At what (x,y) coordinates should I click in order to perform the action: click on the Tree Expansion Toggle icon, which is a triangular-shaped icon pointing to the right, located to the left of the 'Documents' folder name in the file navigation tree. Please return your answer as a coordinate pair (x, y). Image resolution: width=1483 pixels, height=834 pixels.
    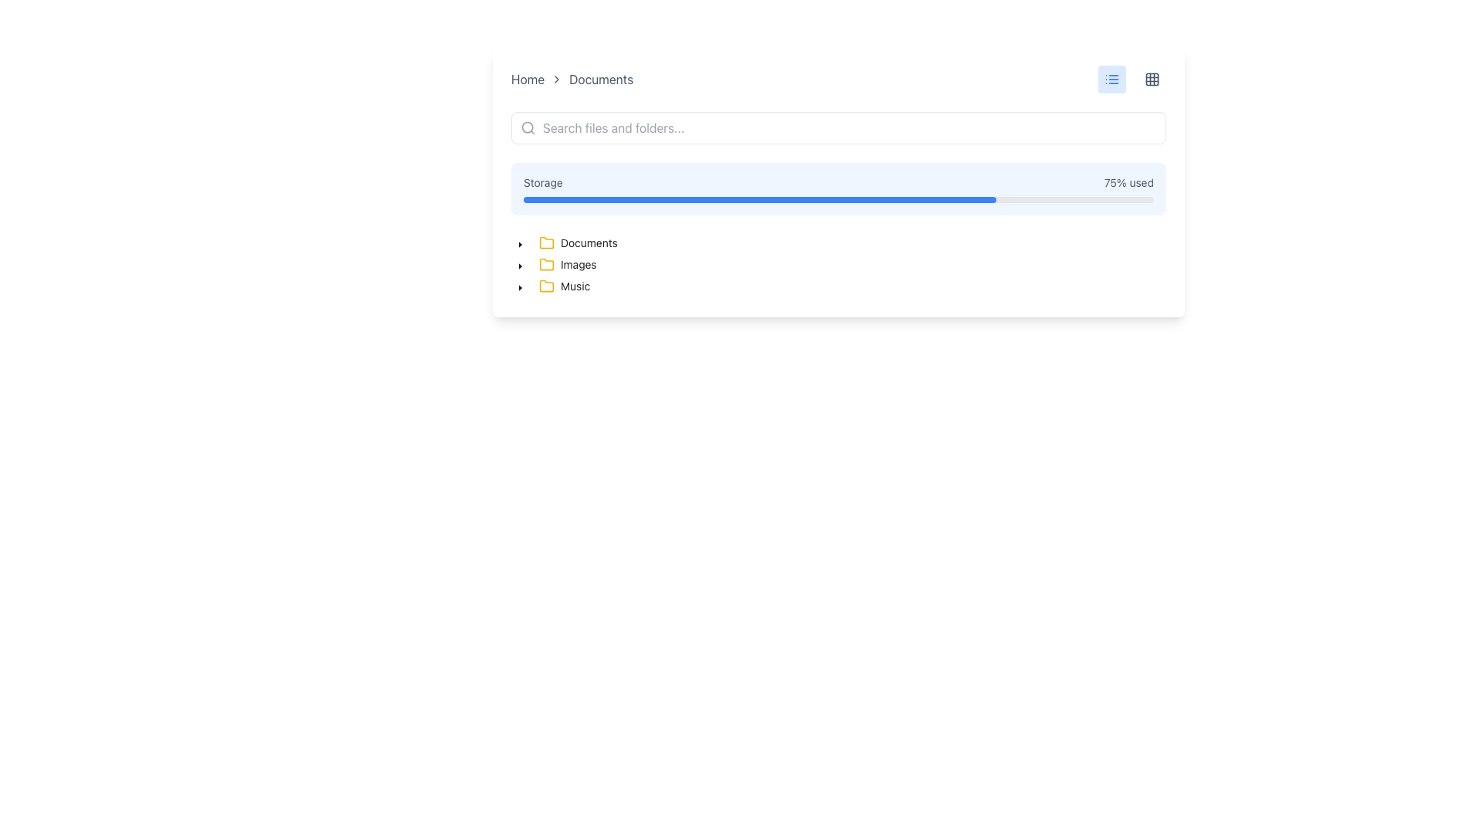
    Looking at the image, I should click on (520, 243).